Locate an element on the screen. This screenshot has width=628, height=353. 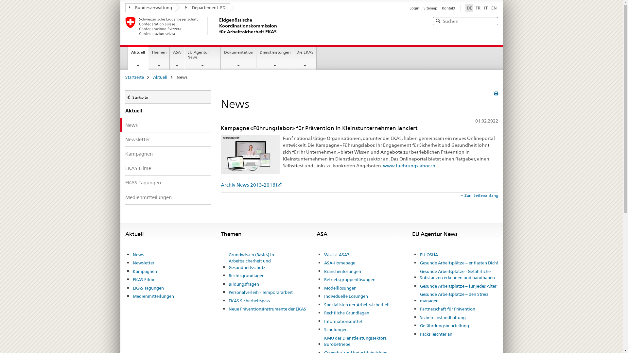
'Die EKAS' is located at coordinates (304, 58).